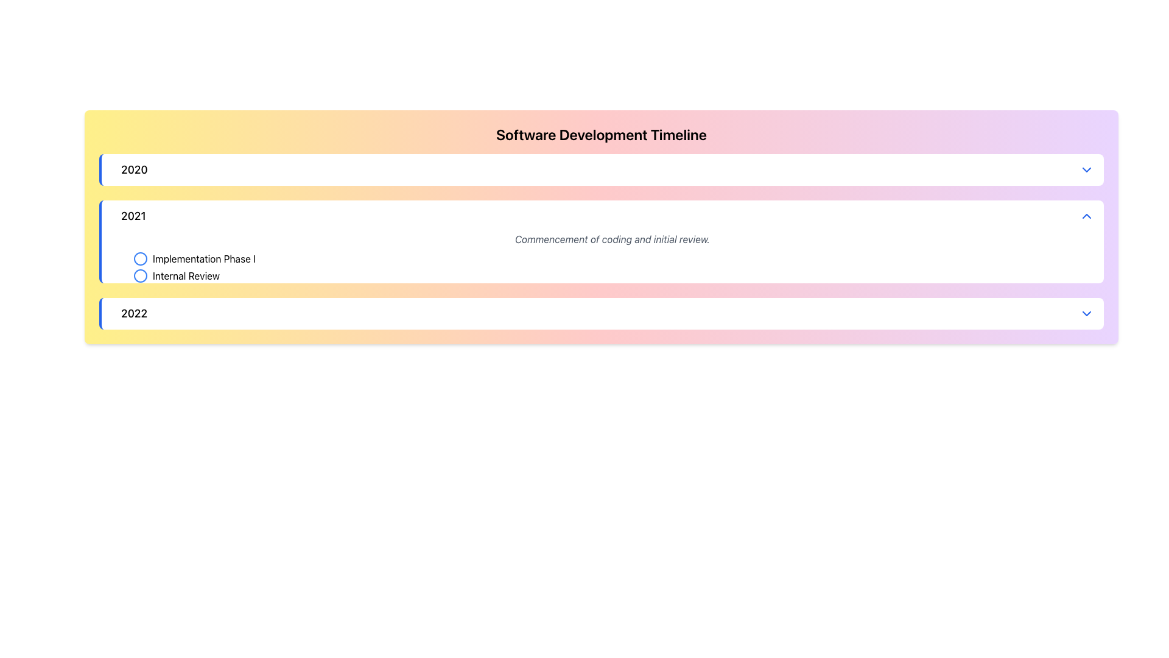  What do you see at coordinates (1087, 215) in the screenshot?
I see `the collapse button located at the far right end of the row labeled '2021' in the timeline to minimize the expanded details under this section` at bounding box center [1087, 215].